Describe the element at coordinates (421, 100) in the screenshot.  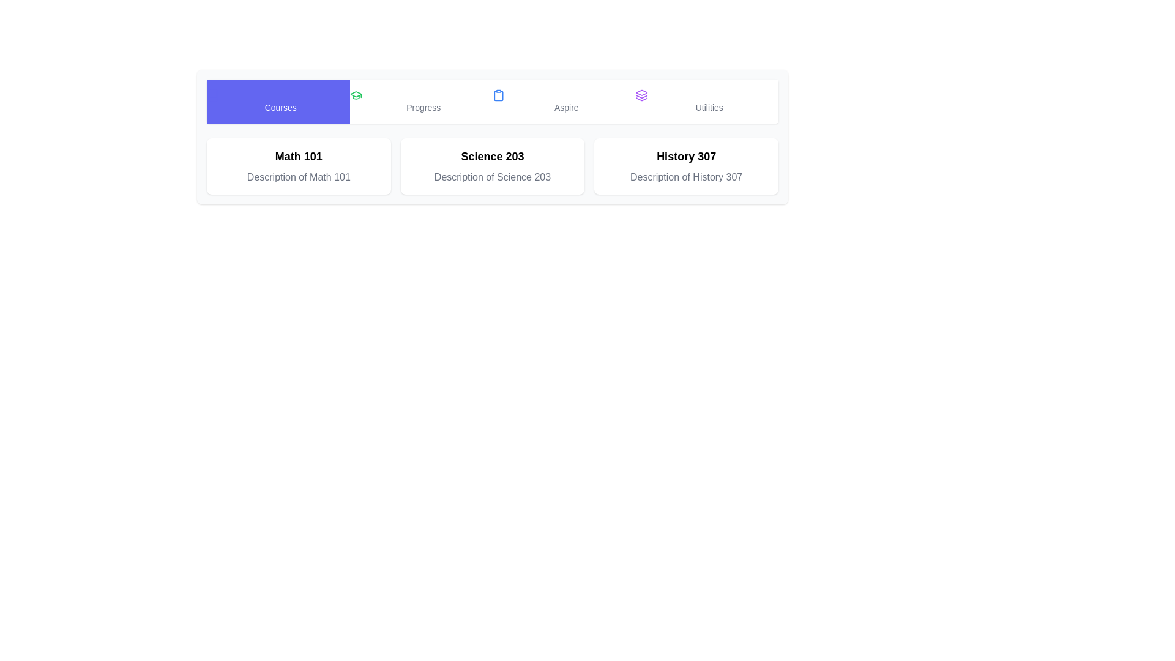
I see `the green graduation cap icon button labeled 'Progress' in the navigation bar` at that location.